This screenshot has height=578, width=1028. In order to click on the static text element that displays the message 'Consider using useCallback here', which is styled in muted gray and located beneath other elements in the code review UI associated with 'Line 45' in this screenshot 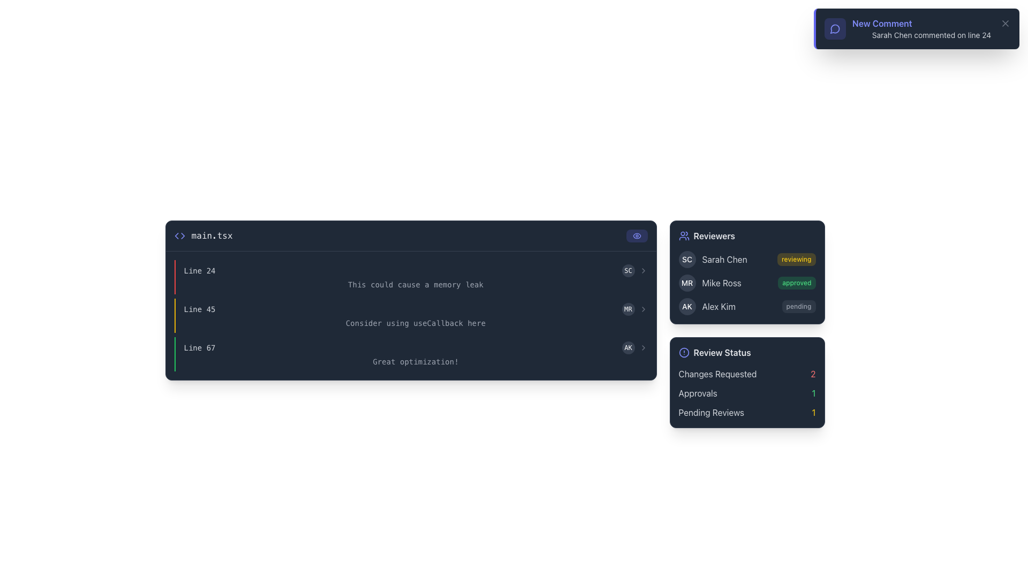, I will do `click(415, 323)`.